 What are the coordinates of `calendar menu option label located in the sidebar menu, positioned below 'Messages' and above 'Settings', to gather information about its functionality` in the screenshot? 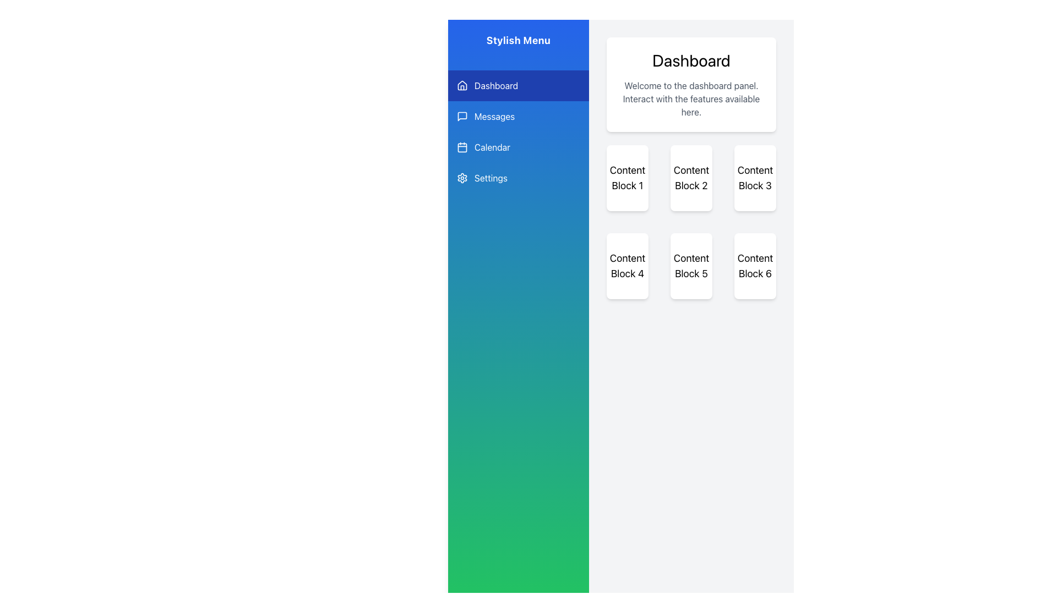 It's located at (492, 146).